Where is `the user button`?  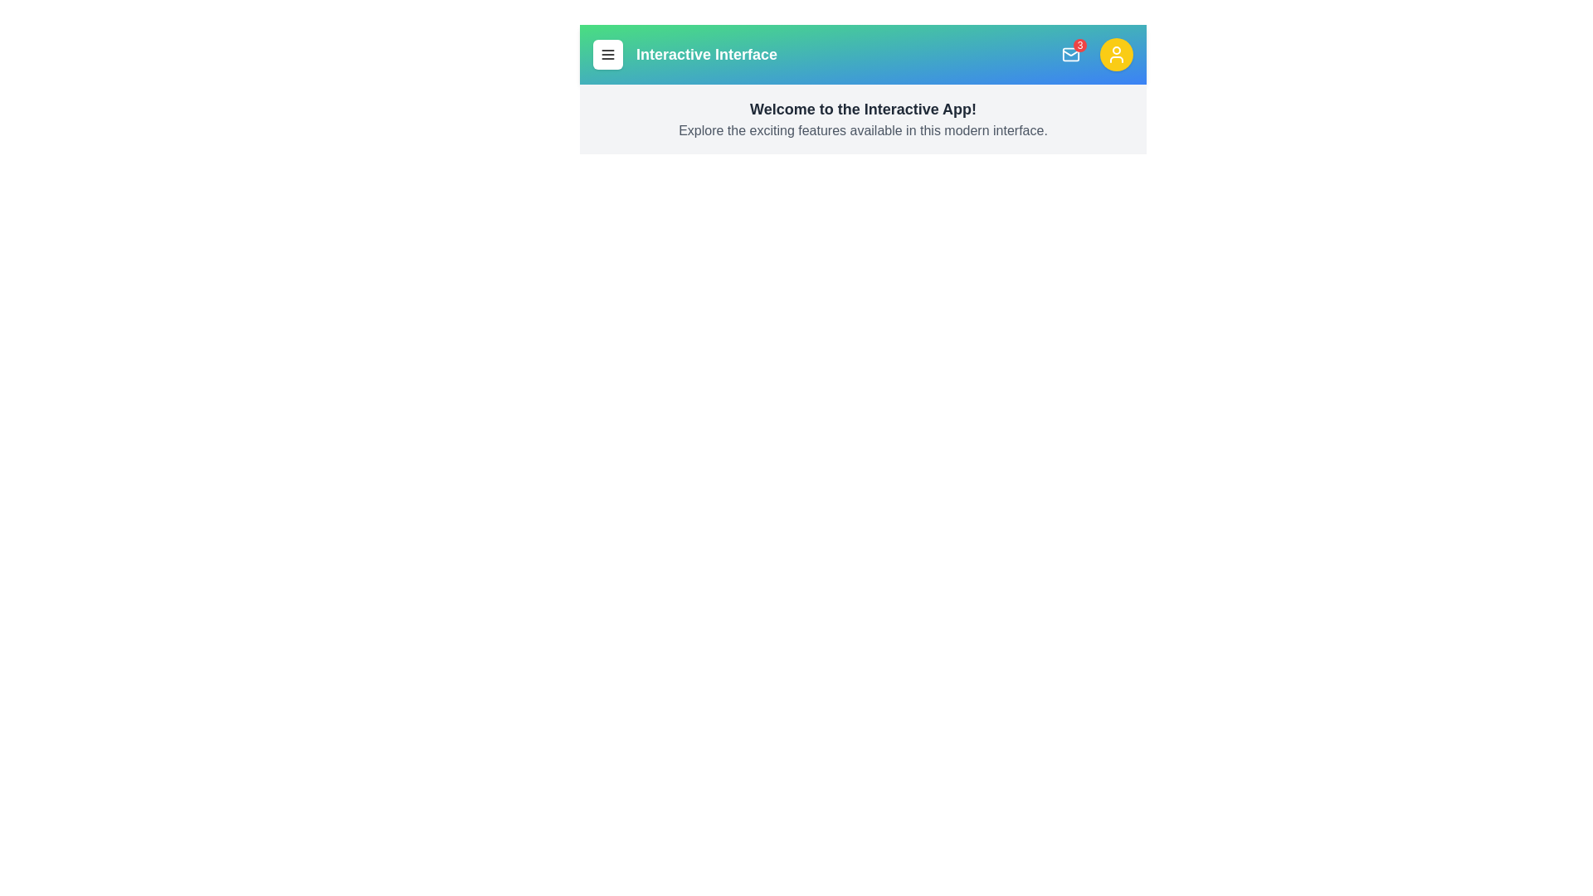 the user button is located at coordinates (1116, 53).